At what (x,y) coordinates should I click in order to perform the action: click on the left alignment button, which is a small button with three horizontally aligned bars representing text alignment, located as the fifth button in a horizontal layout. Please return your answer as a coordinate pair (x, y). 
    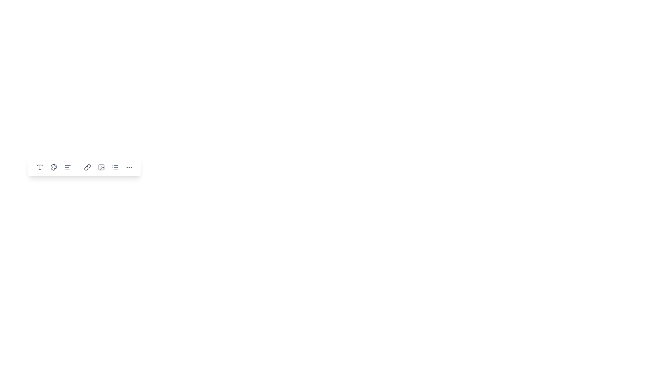
    Looking at the image, I should click on (68, 167).